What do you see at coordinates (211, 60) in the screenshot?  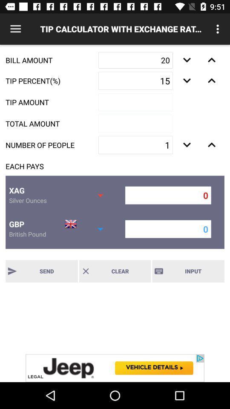 I see `increase` at bounding box center [211, 60].